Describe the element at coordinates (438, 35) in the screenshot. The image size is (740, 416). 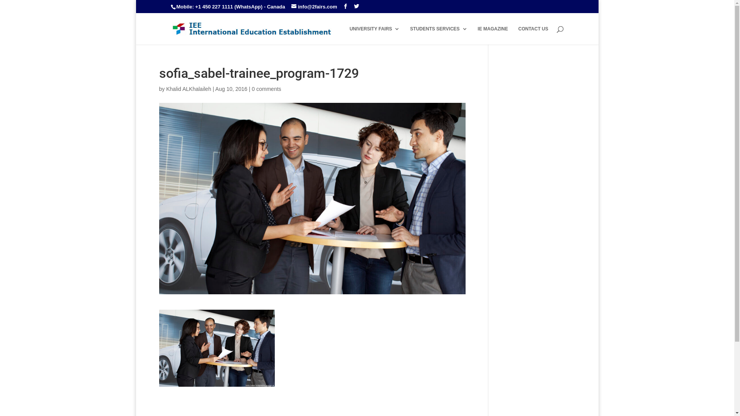
I see `'STUDENTS SERVICES'` at that location.